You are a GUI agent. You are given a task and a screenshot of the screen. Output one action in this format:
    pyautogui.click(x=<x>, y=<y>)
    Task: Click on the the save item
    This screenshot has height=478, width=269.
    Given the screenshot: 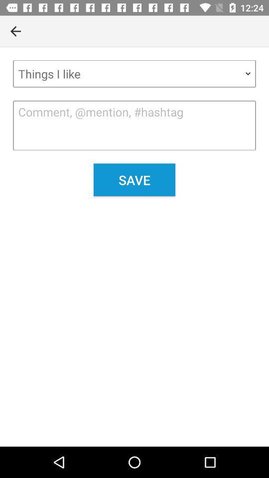 What is the action you would take?
    pyautogui.click(x=134, y=179)
    